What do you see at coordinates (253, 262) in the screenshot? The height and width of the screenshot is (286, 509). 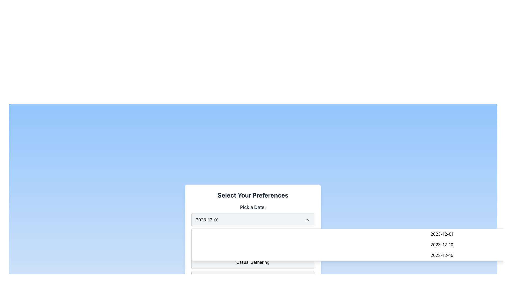 I see `the 'Casual Gathering' option in the dropdown selection menu` at bounding box center [253, 262].